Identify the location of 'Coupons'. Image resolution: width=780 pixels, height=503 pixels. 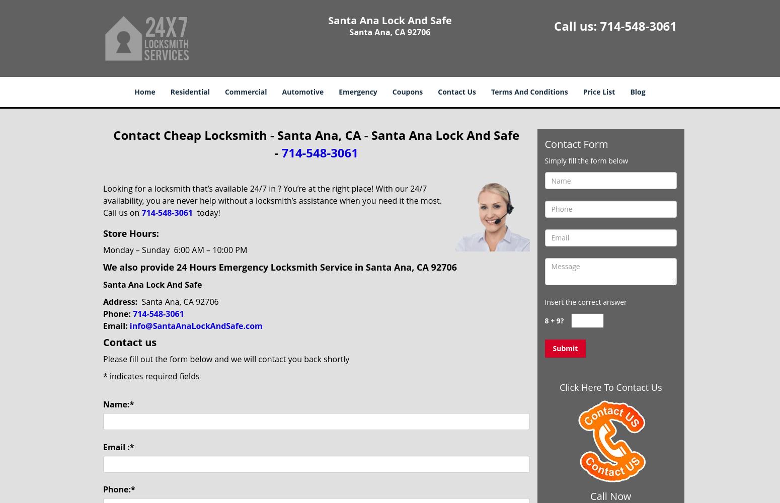
(407, 92).